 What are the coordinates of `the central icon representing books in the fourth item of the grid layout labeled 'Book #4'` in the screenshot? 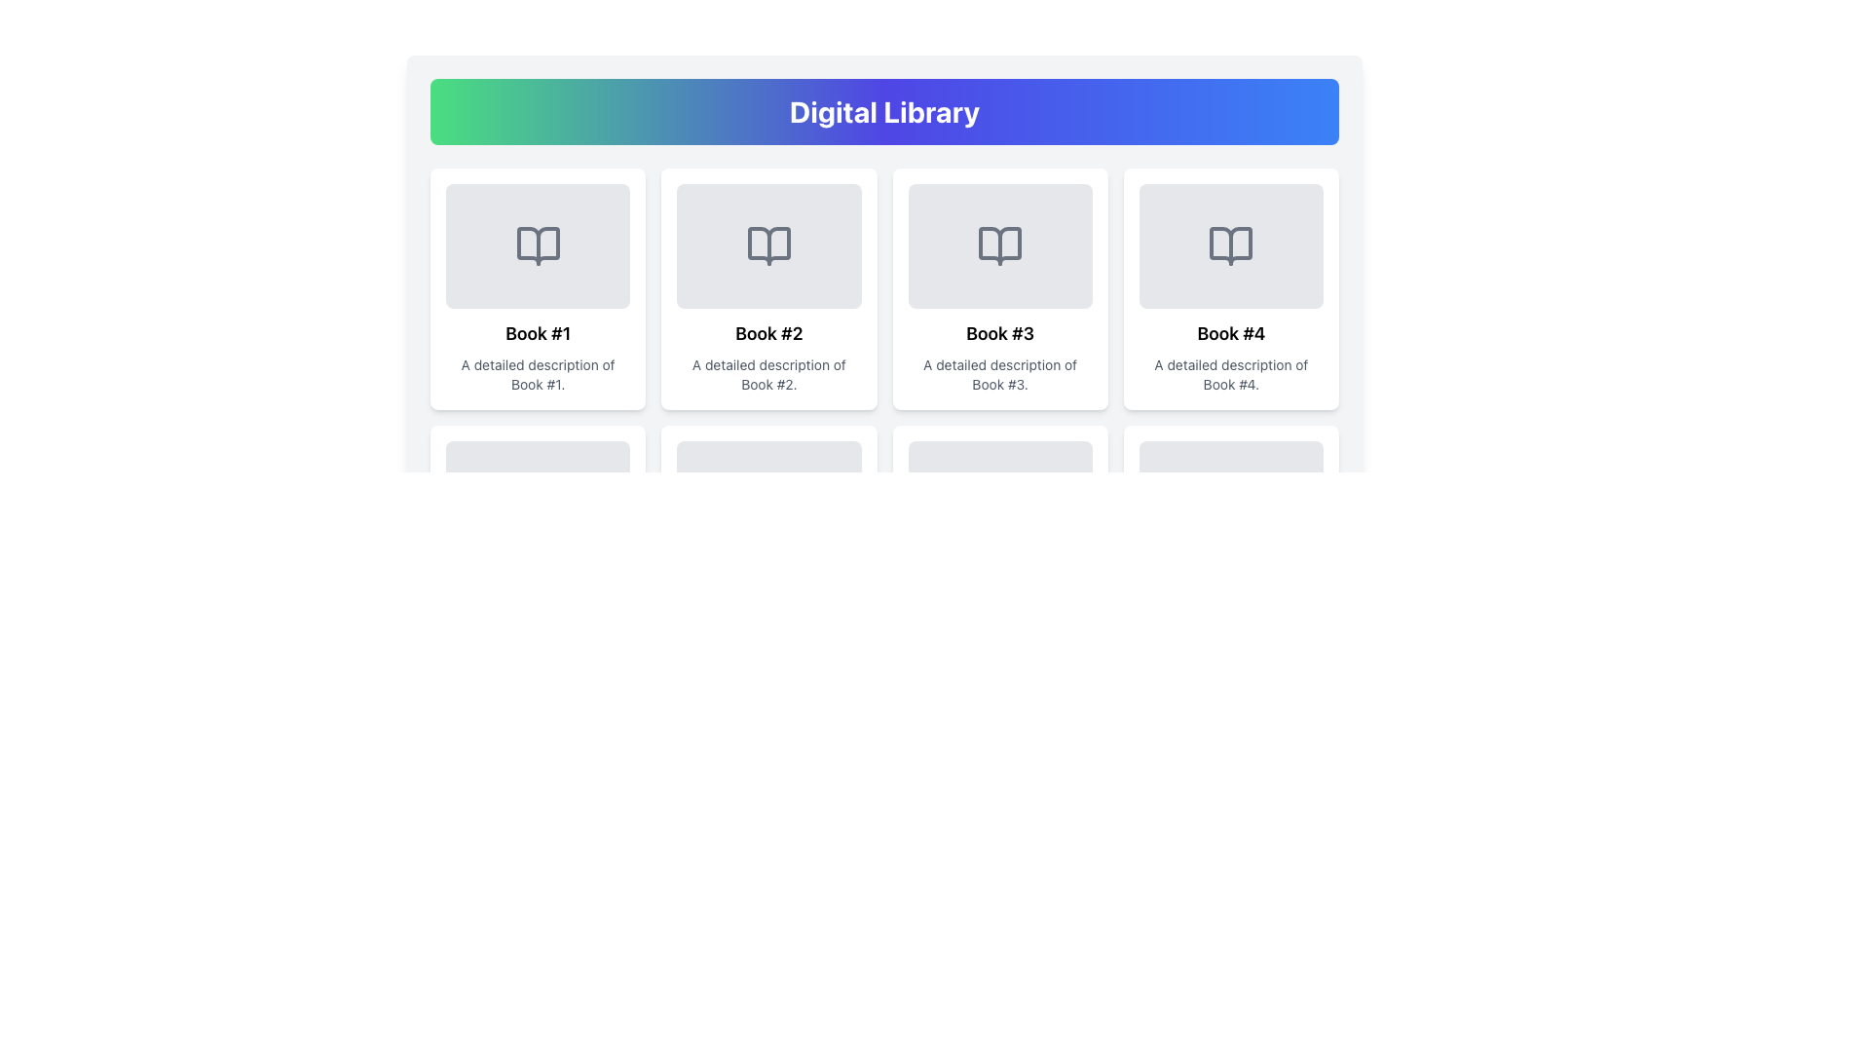 It's located at (1230, 245).